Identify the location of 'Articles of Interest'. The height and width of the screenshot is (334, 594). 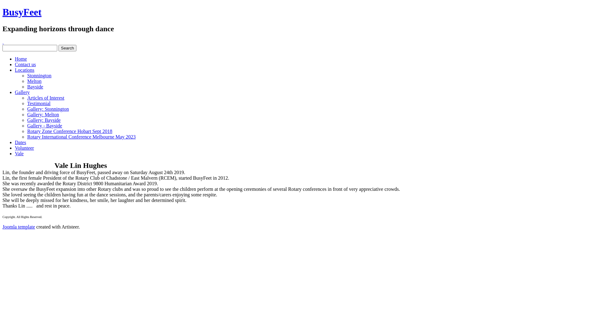
(45, 97).